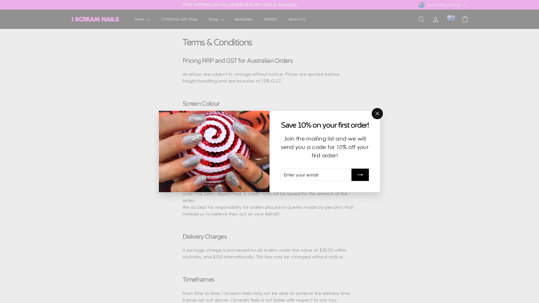 The width and height of the screenshot is (539, 303). What do you see at coordinates (155, 19) in the screenshot?
I see `'Christmas Gift Shop'` at bounding box center [155, 19].